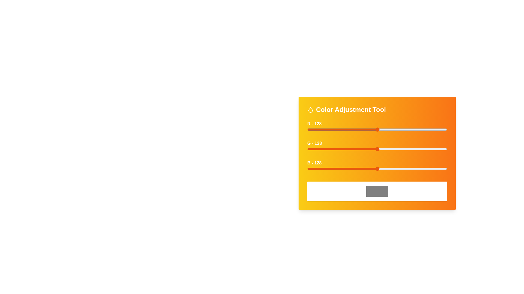 The image size is (524, 294). I want to click on the blue slider to set the blue intensity to 52, so click(335, 169).